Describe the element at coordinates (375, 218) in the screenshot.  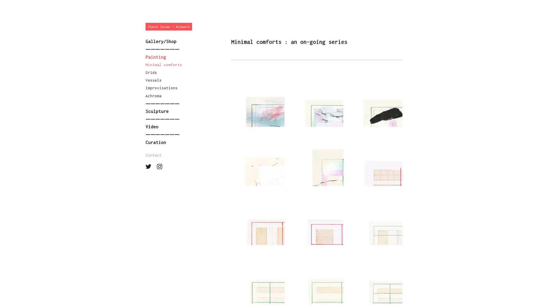
I see `View fullsize Detroit Rock City` at that location.